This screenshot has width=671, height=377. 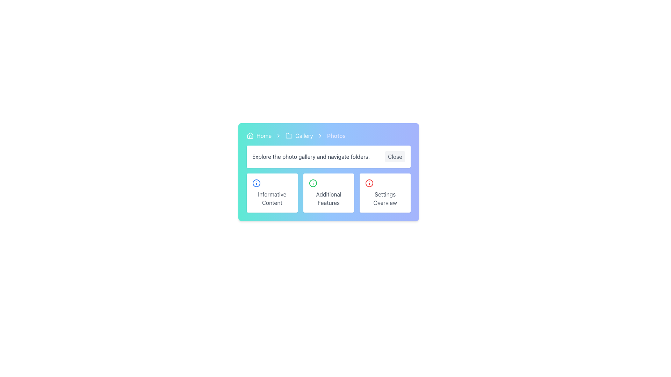 What do you see at coordinates (259, 136) in the screenshot?
I see `the first breadcrumb navigation item that directs users to the root or home page of the application, located at the top left corner of the interface` at bounding box center [259, 136].